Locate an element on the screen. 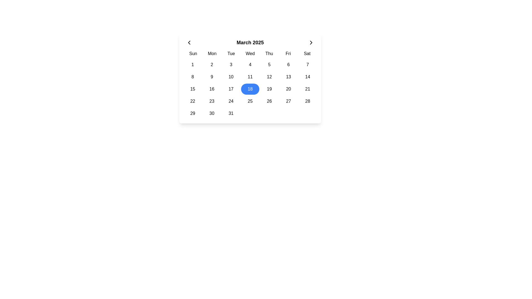  the right-pointing arrow button located in the top-right corner of the calendar interface is located at coordinates (311, 42).